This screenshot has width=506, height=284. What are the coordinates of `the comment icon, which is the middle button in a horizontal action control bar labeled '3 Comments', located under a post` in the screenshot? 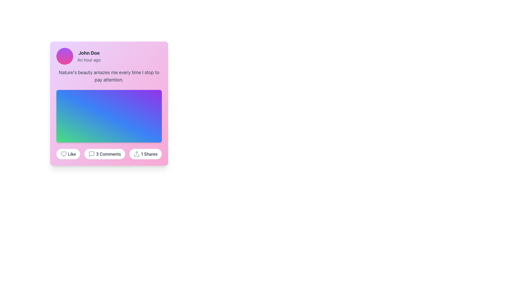 It's located at (92, 154).